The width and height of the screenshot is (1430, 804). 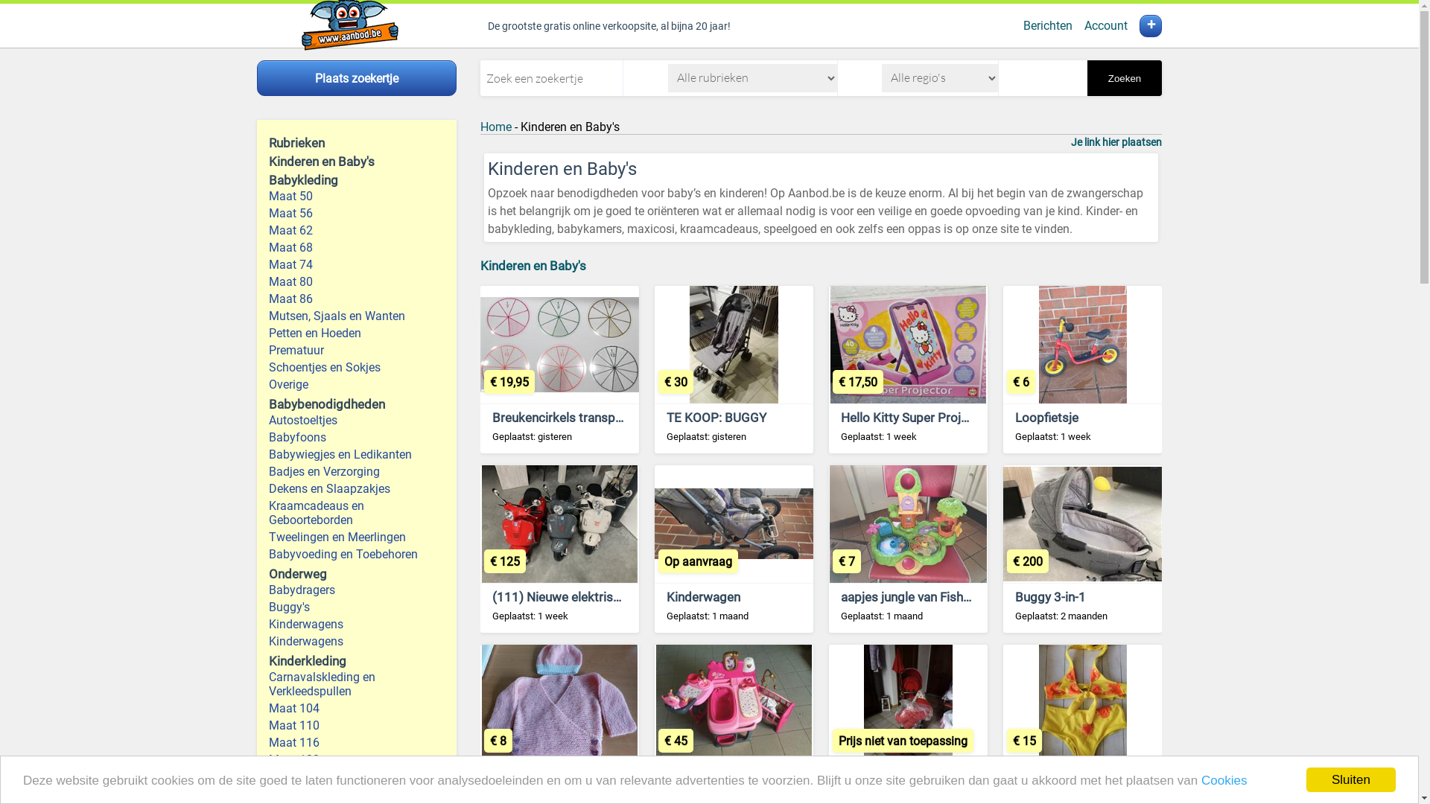 I want to click on 'Kinderwagen, so click(x=734, y=549).